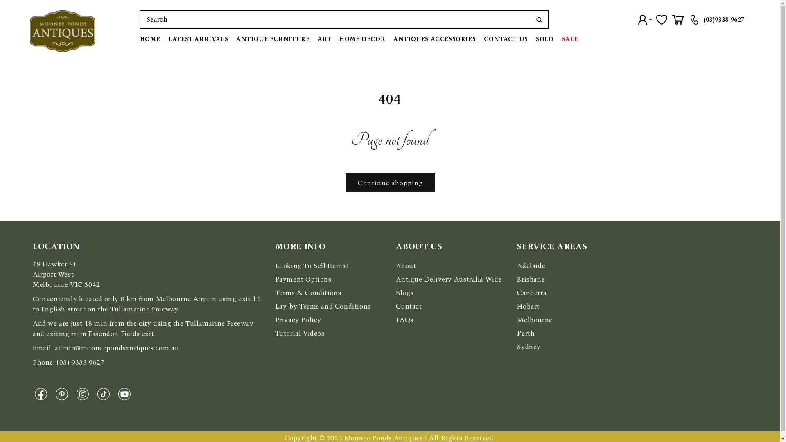 This screenshot has width=786, height=442. Describe the element at coordinates (434, 39) in the screenshot. I see `'ANTIQUES ACCESSORIES'` at that location.